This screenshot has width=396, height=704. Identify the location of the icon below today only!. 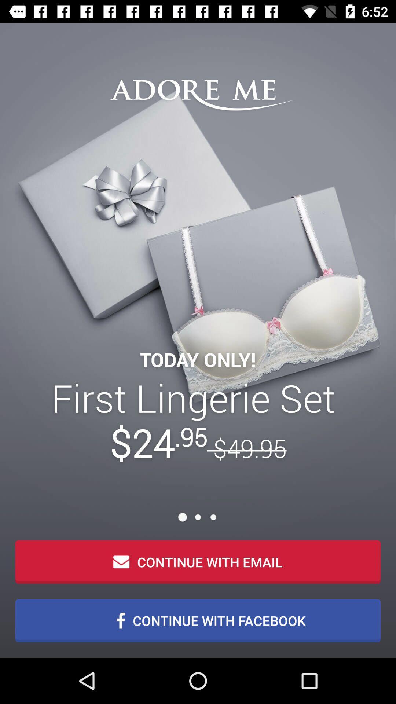
(198, 420).